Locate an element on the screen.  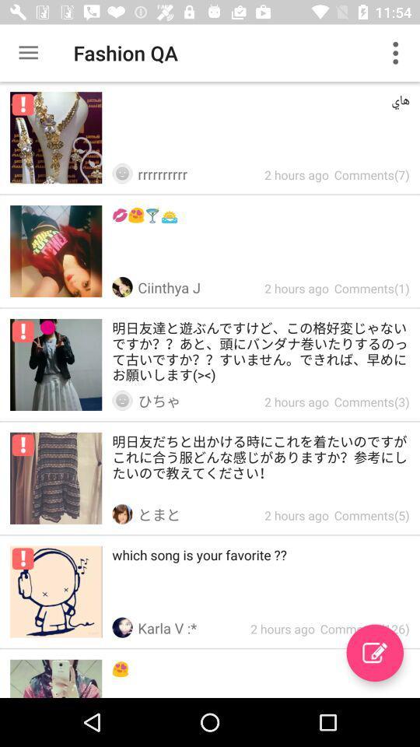
the item below the which song is icon is located at coordinates (374, 653).